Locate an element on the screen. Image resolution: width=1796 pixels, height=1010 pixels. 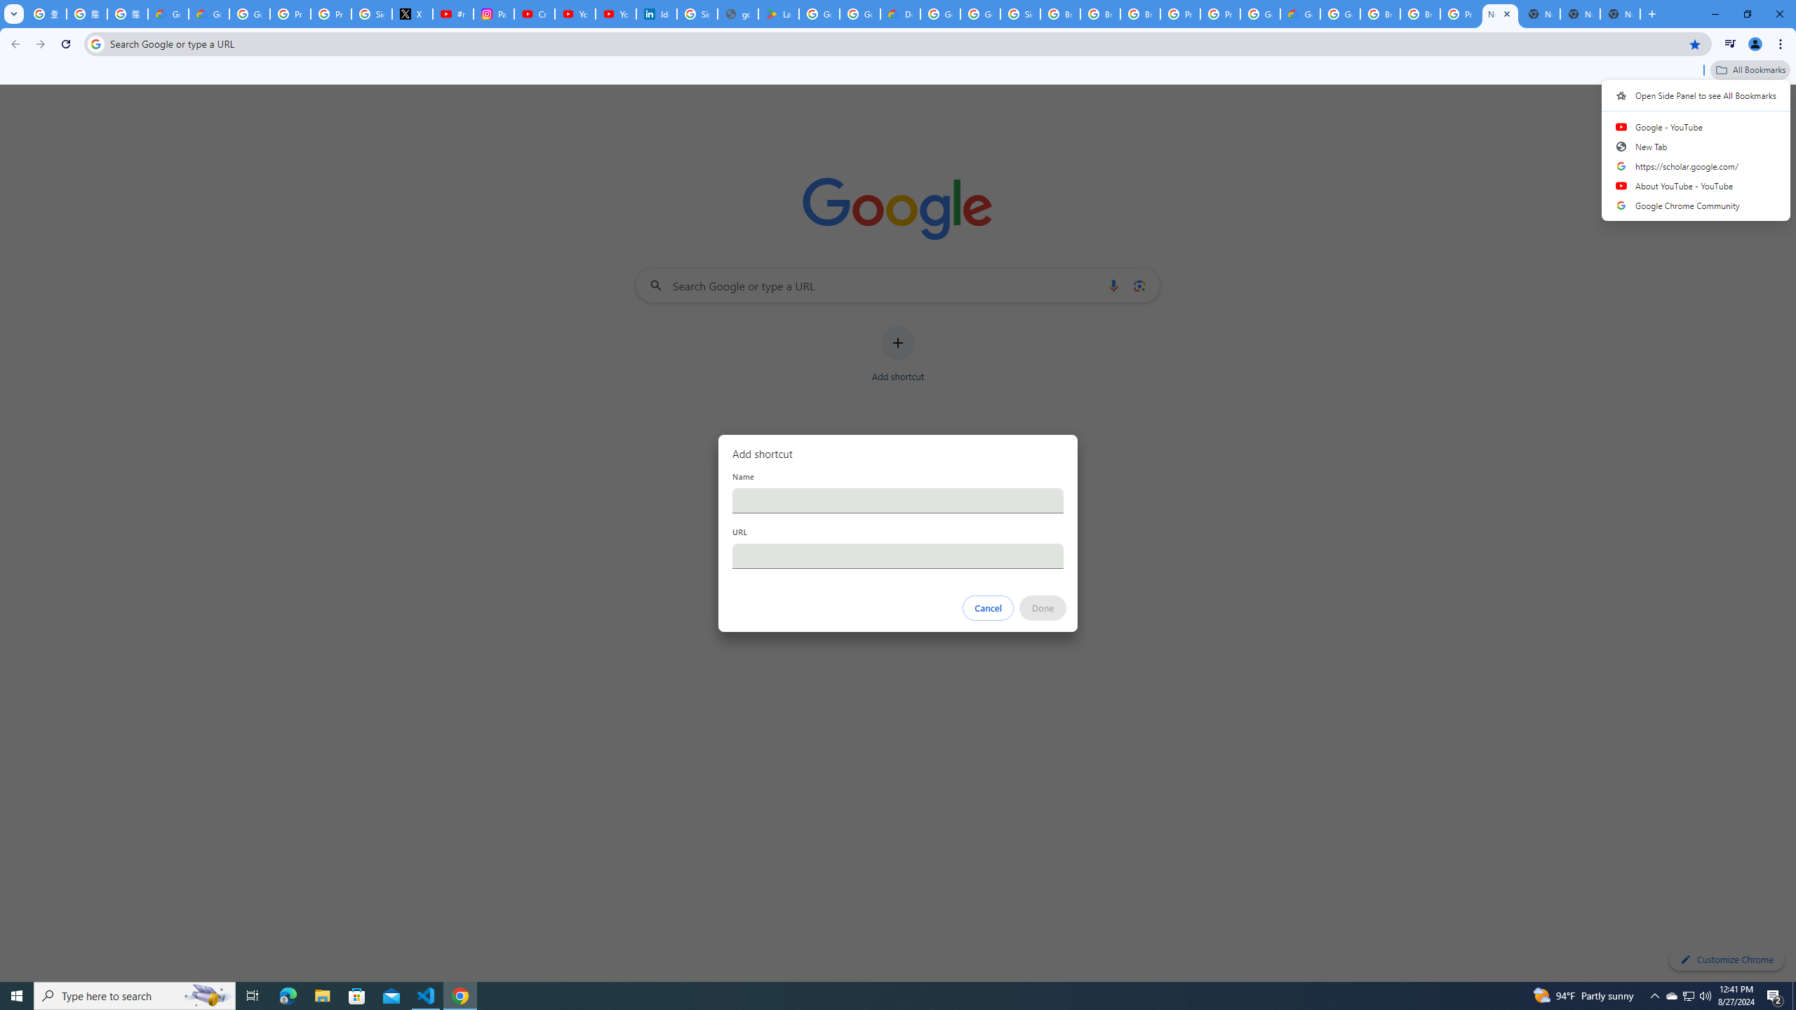
'Cancel' is located at coordinates (989, 607).